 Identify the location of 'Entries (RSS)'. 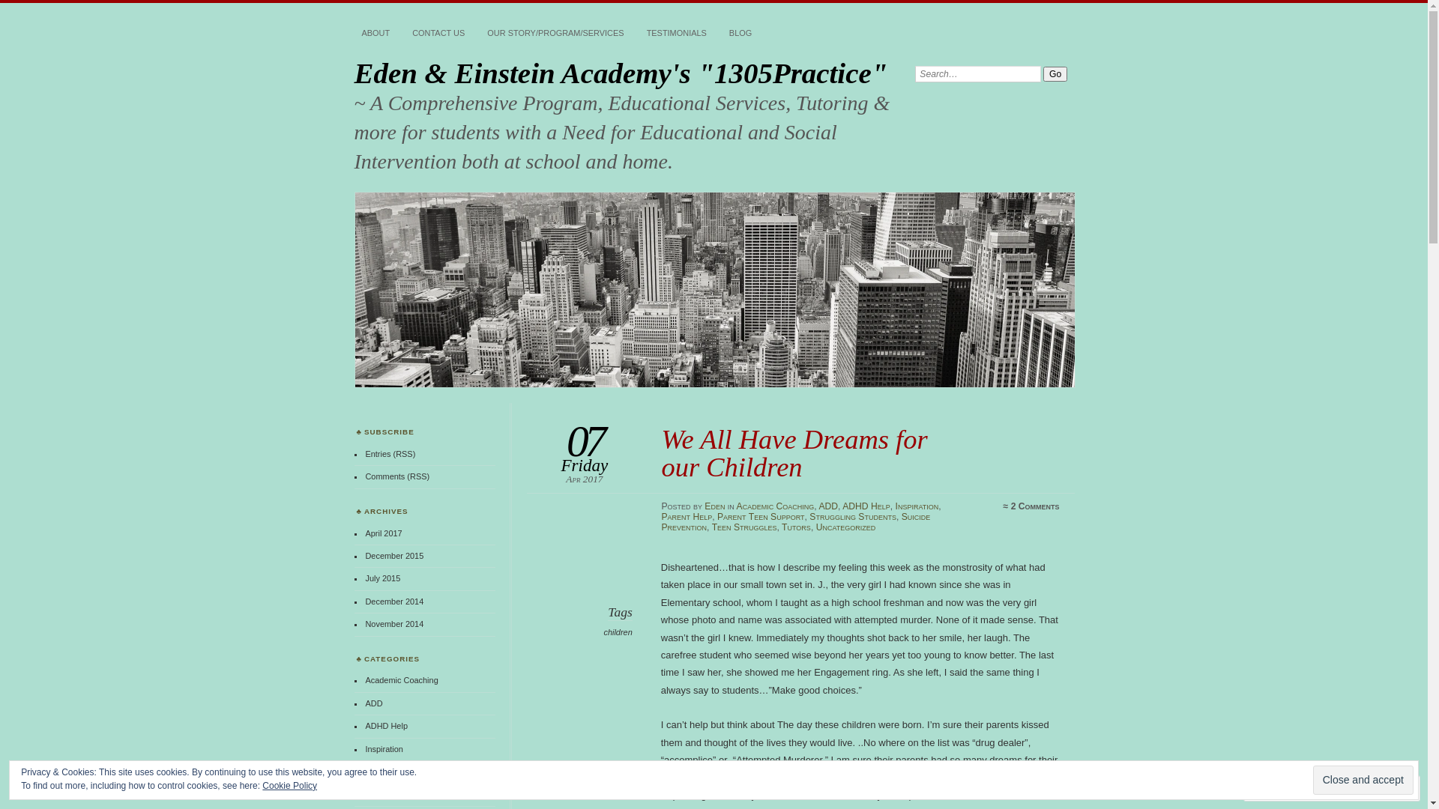
(390, 452).